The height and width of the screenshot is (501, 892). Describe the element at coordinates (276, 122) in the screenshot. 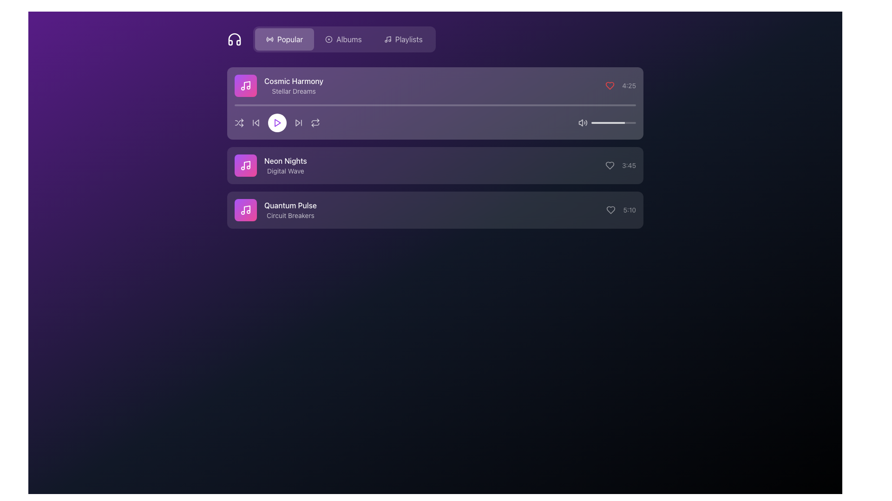

I see `the purple play icon, which is a triangle within a circle, located in the audio control section beneath the 'Cosmic Harmony' playlist, specifically the third button from the left, to play the media` at that location.